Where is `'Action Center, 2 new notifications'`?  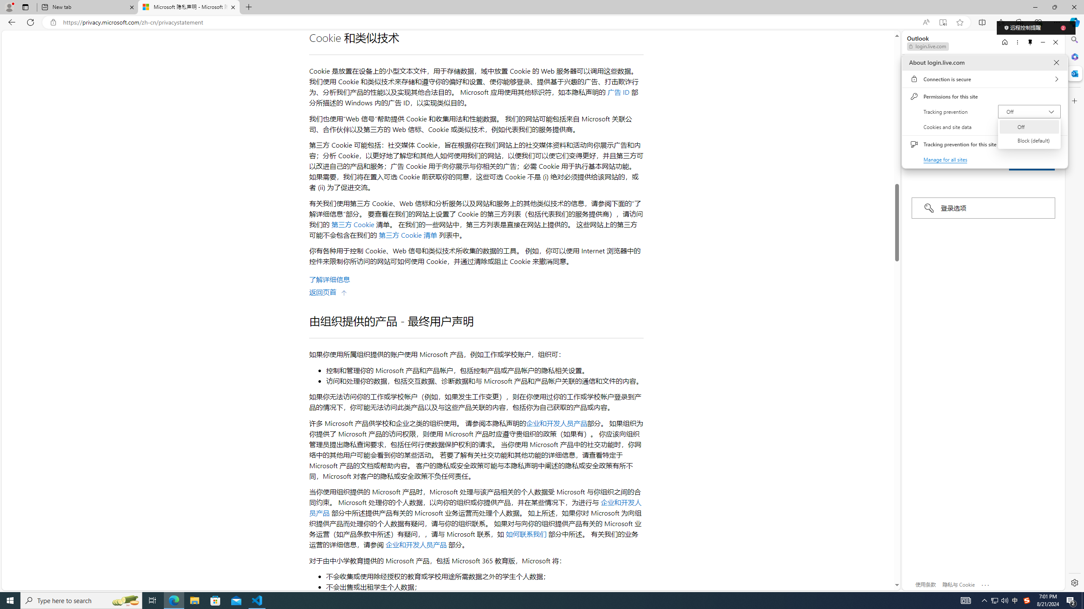 'Action Center, 2 new notifications' is located at coordinates (1071, 600).